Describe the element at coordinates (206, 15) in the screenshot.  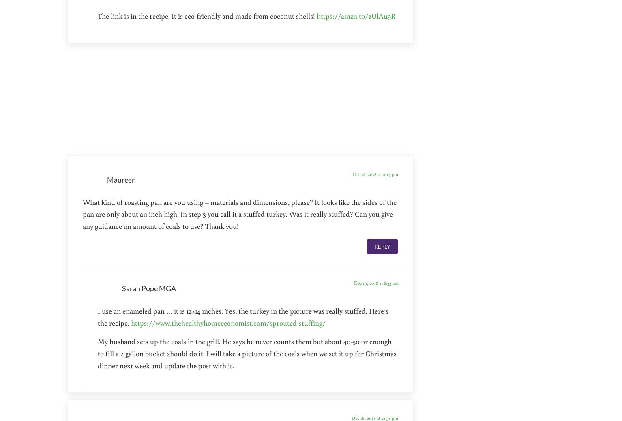
I see `'The link is in the recipe. It is eco-friendly and made from coconut shells!'` at that location.